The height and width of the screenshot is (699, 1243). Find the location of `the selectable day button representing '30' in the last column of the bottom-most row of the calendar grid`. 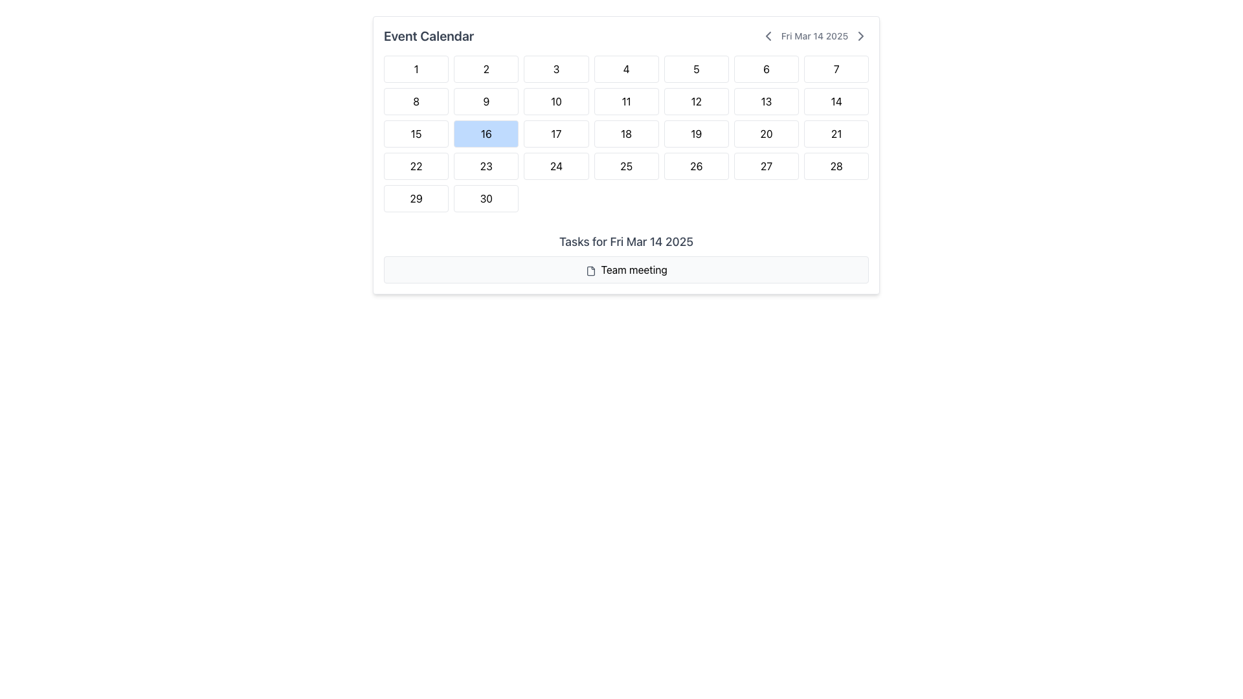

the selectable day button representing '30' in the last column of the bottom-most row of the calendar grid is located at coordinates (486, 199).